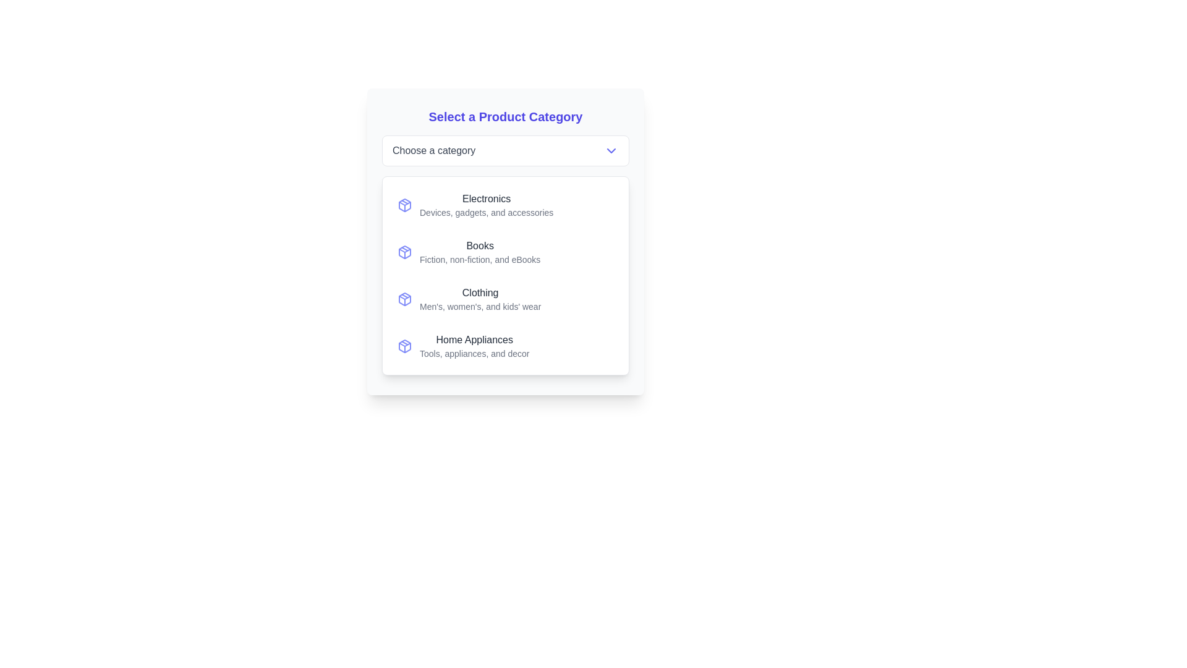 The width and height of the screenshot is (1187, 668). I want to click on the descriptive text label located below the 'Books' label in the selectable list to read the description of the 'Books' category, which includes 'Fiction, non-fiction, and eBooks', so click(479, 259).